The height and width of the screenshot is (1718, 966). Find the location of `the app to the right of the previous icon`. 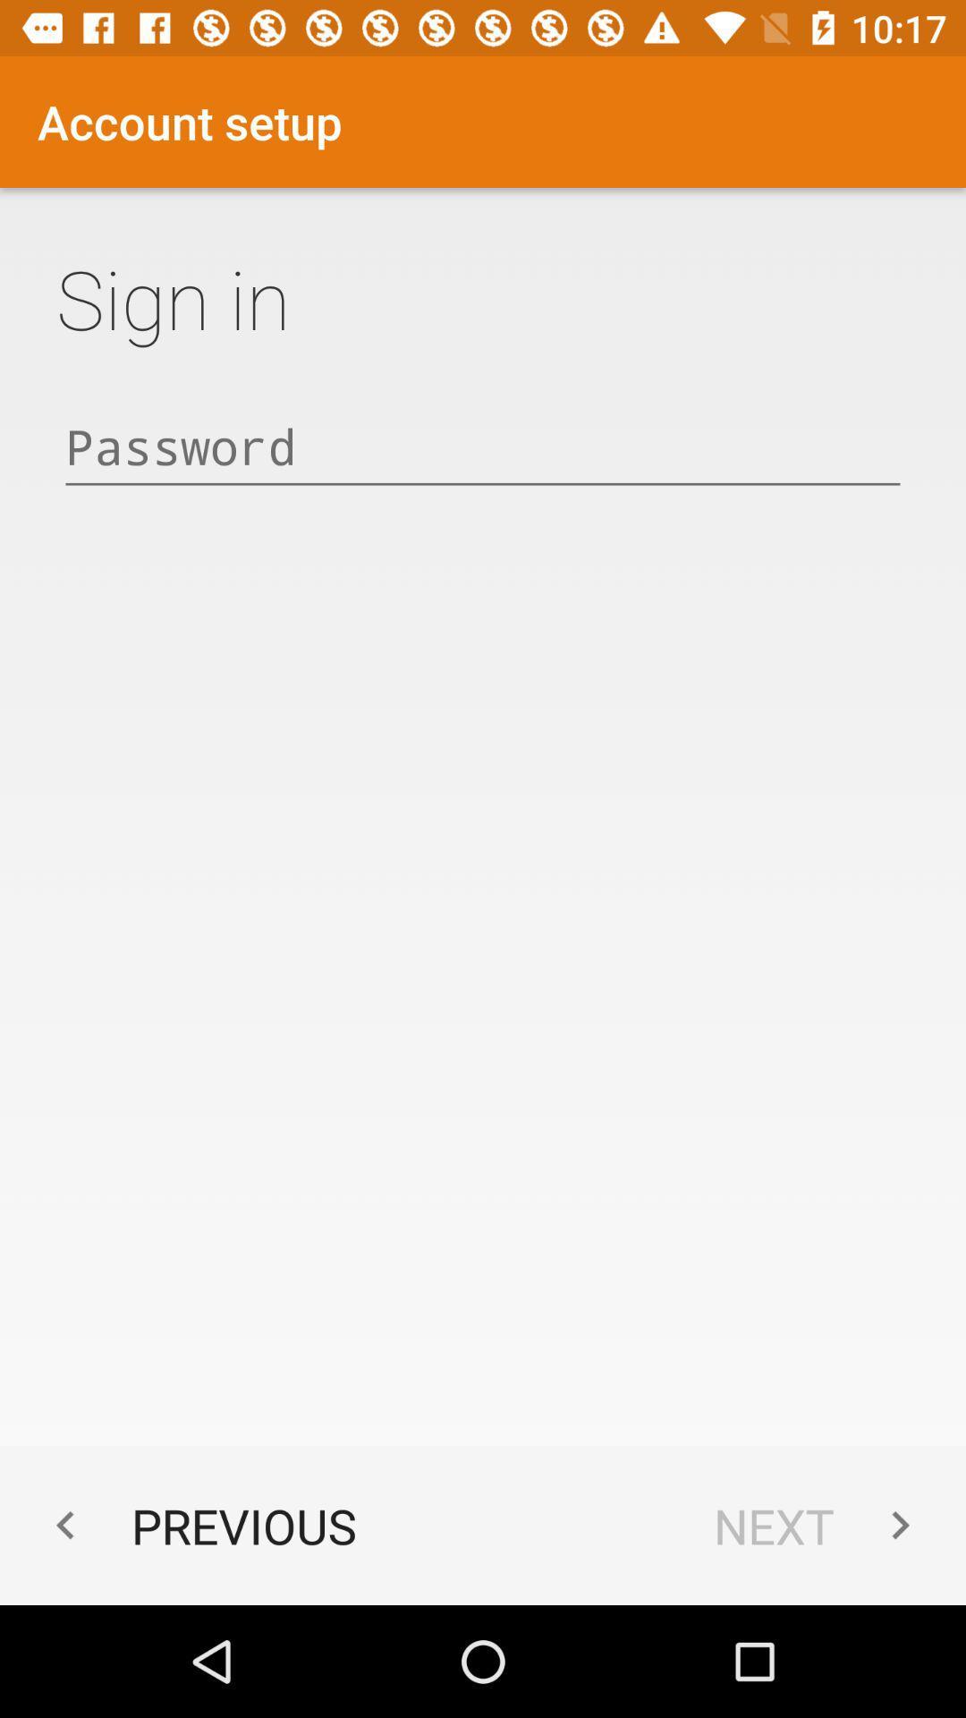

the app to the right of the previous icon is located at coordinates (821, 1525).